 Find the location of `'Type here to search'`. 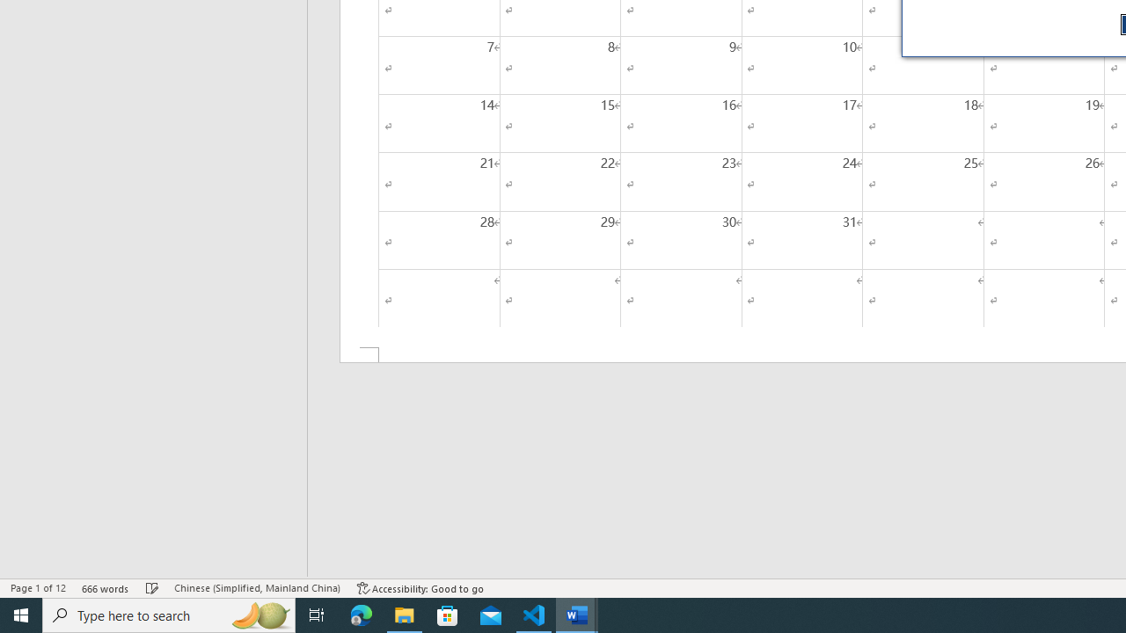

'Type here to search' is located at coordinates (169, 614).